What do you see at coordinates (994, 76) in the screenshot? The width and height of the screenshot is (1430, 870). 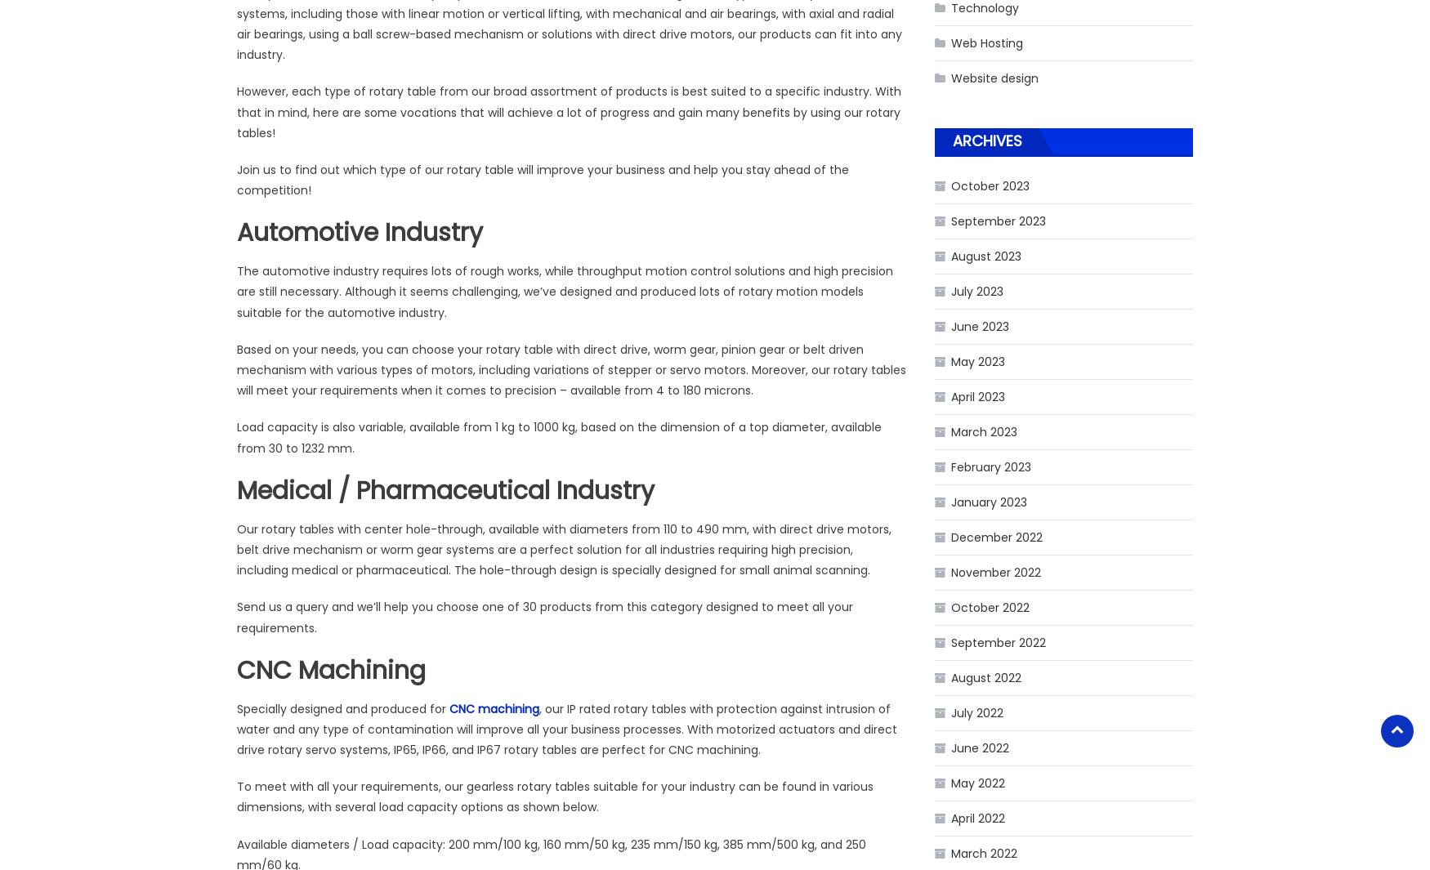 I see `'Website design'` at bounding box center [994, 76].